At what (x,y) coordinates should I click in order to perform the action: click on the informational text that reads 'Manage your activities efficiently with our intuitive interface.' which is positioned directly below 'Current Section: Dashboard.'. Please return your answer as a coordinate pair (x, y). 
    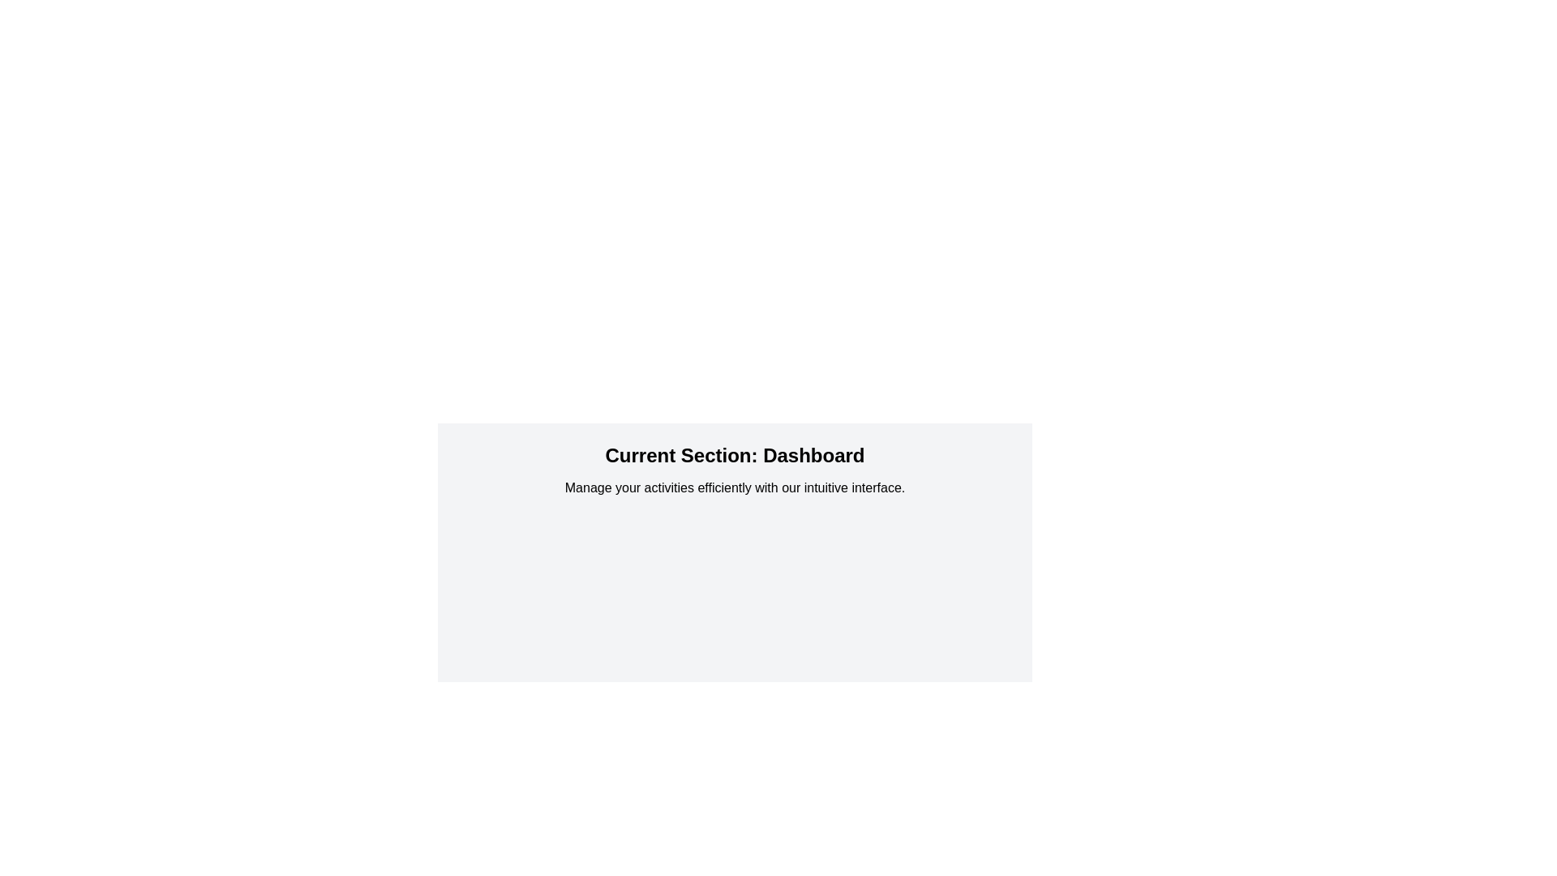
    Looking at the image, I should click on (734, 487).